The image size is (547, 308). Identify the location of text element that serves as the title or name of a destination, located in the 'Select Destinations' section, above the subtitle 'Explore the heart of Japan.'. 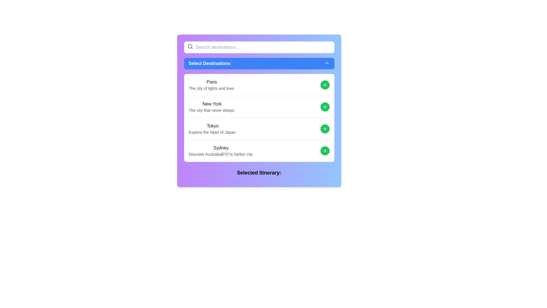
(212, 126).